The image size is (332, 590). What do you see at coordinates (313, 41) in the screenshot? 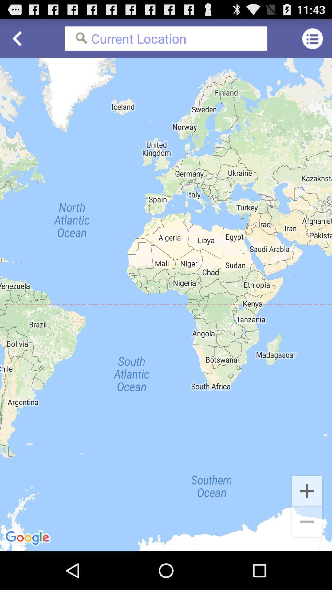
I see `the list icon` at bounding box center [313, 41].